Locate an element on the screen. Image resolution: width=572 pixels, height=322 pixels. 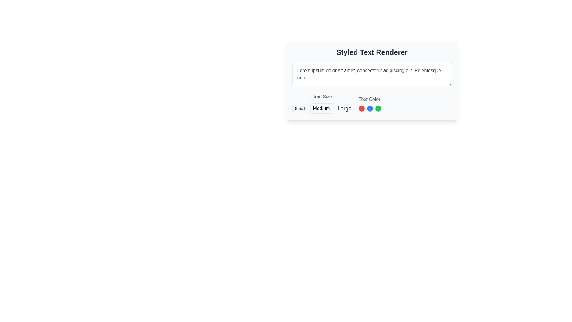
the 'Small' button, which is the first button in a horizontal row for text size selection is located at coordinates (300, 108).